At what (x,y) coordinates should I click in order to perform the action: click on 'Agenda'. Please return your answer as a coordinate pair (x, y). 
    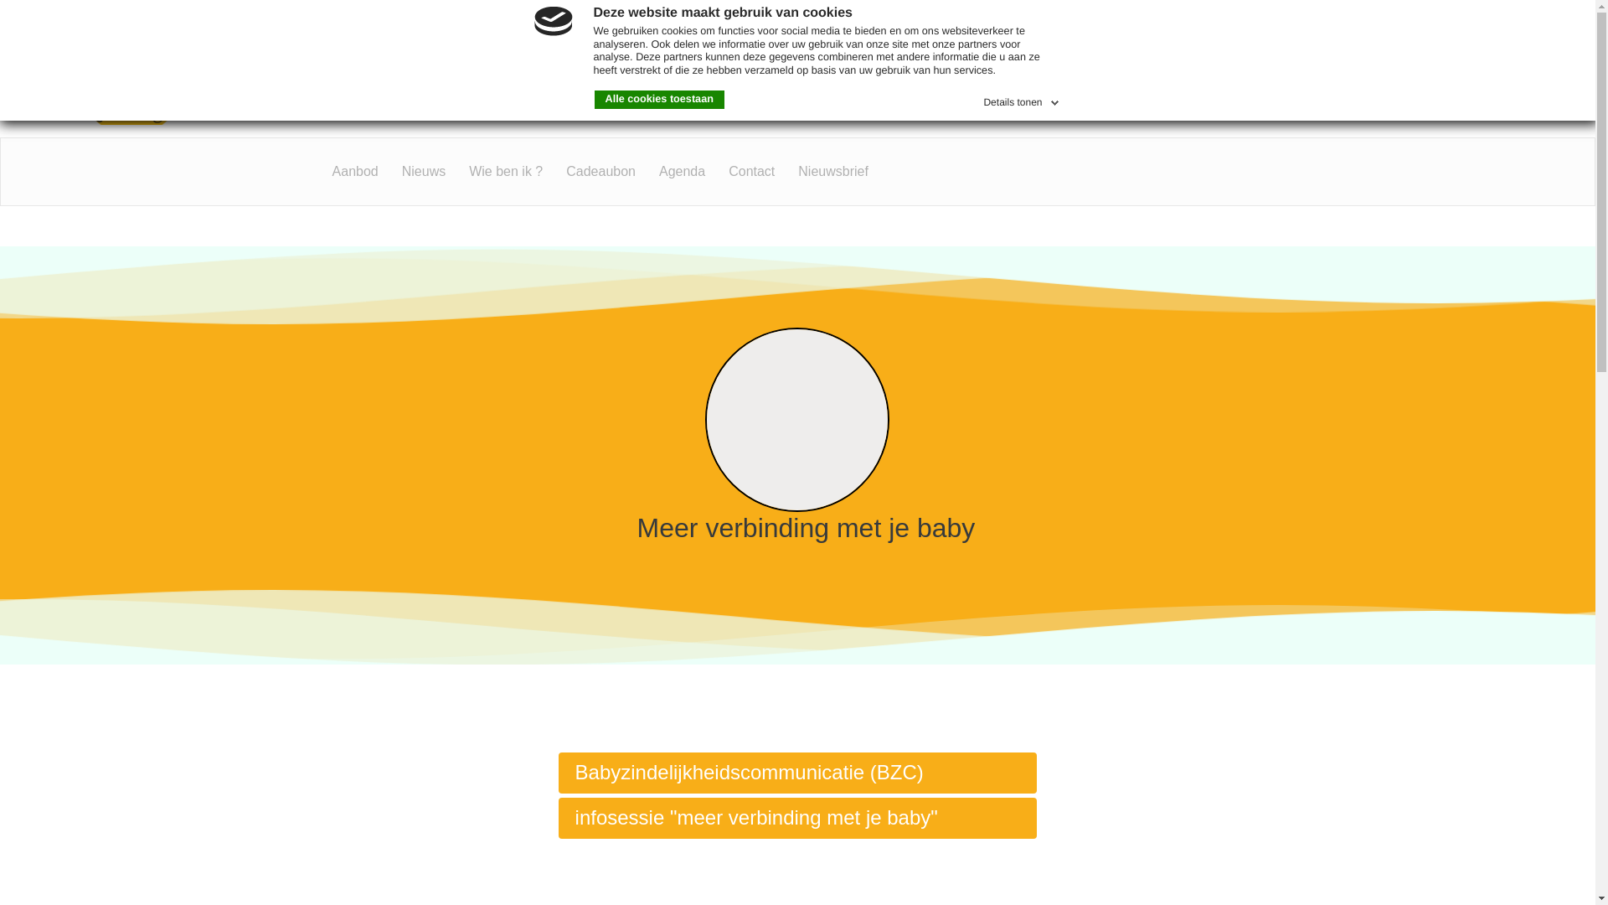
    Looking at the image, I should click on (682, 171).